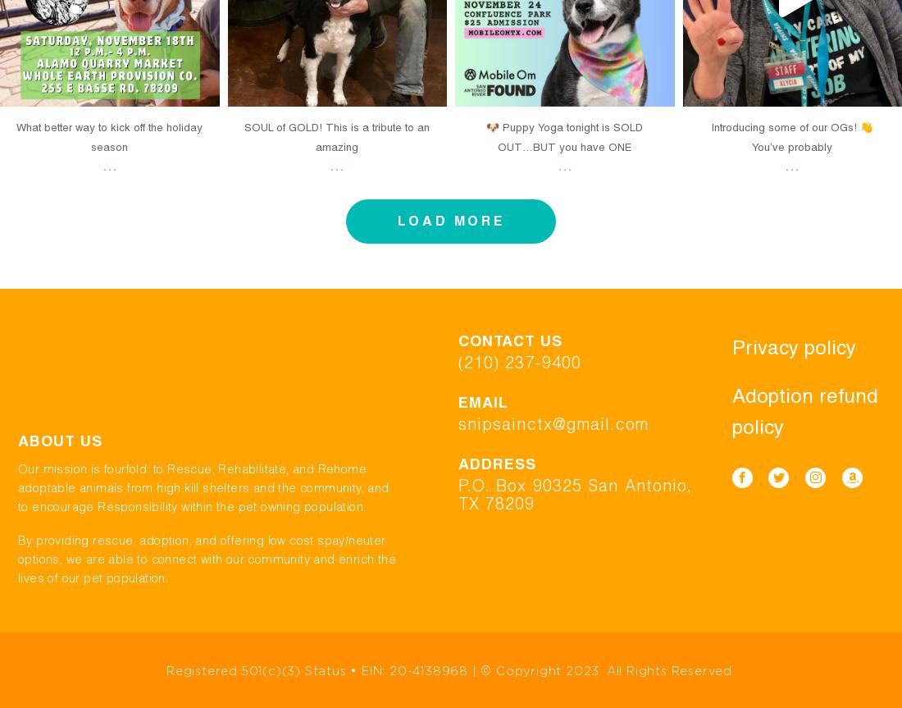 The height and width of the screenshot is (708, 902). I want to click on 'Registered 501(c)(3) Status • EIN: 20-4138968 | © Copyright 2023. All Rights Reserved.', so click(450, 669).